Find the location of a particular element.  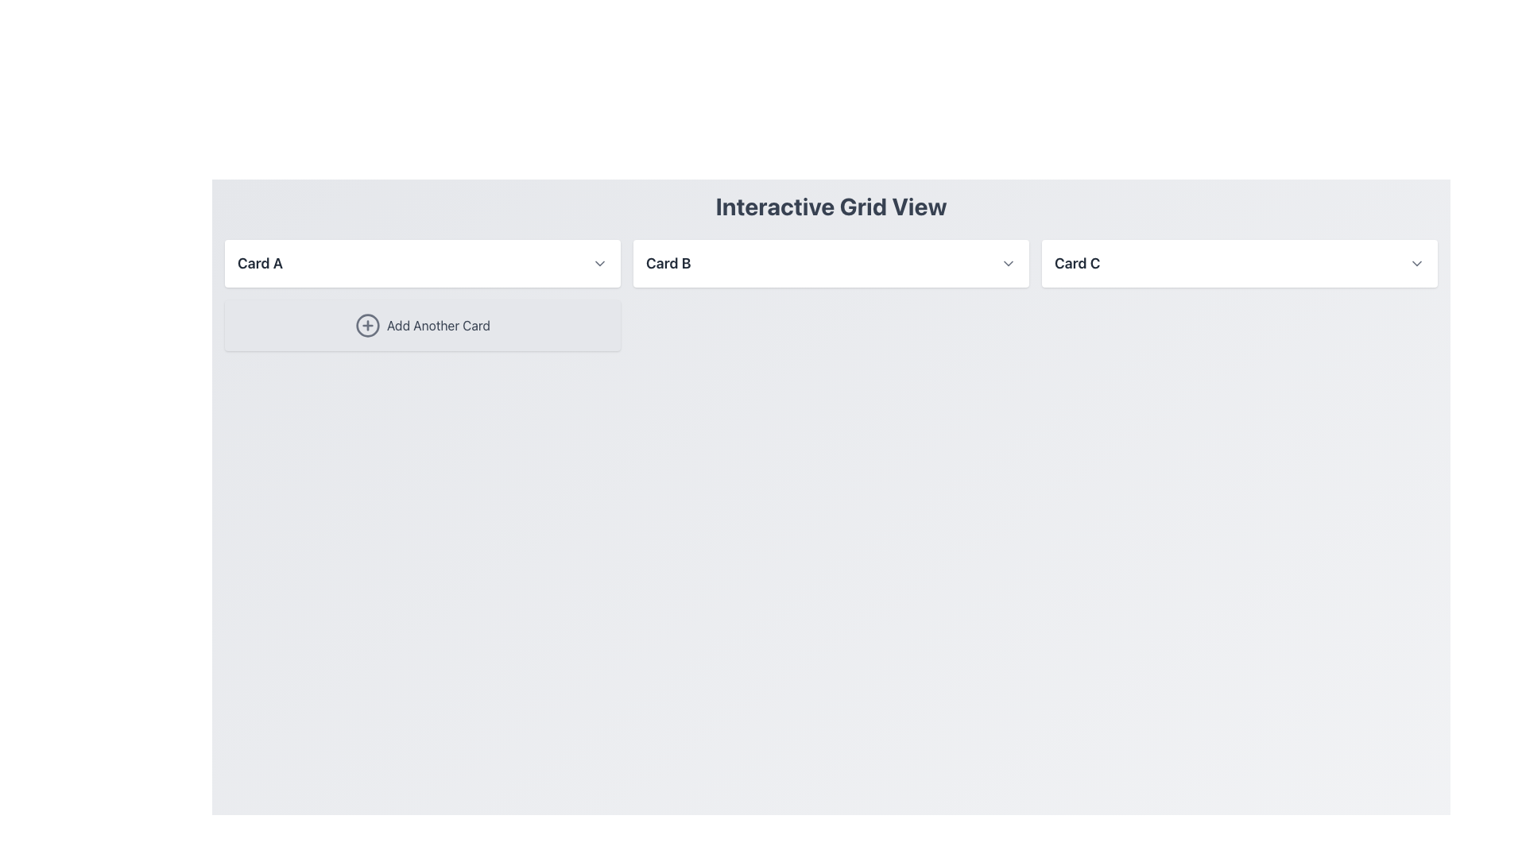

the dropdown toggle button located at the far right of the 'Card C' label in the top-right card is located at coordinates (1416, 262).